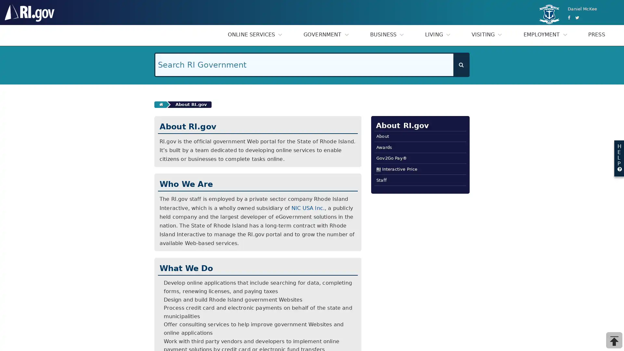 The image size is (624, 351). I want to click on Search, so click(461, 65).